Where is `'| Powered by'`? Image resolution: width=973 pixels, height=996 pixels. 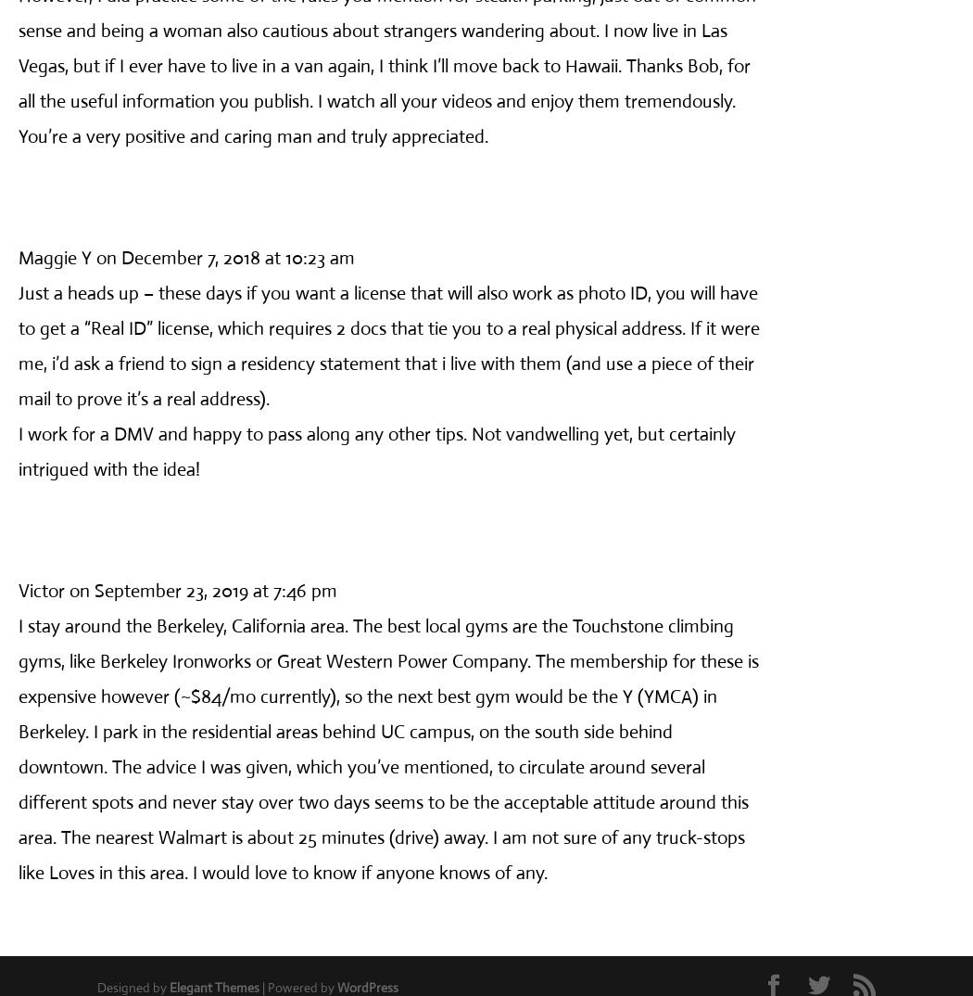
'| Powered by' is located at coordinates (298, 987).